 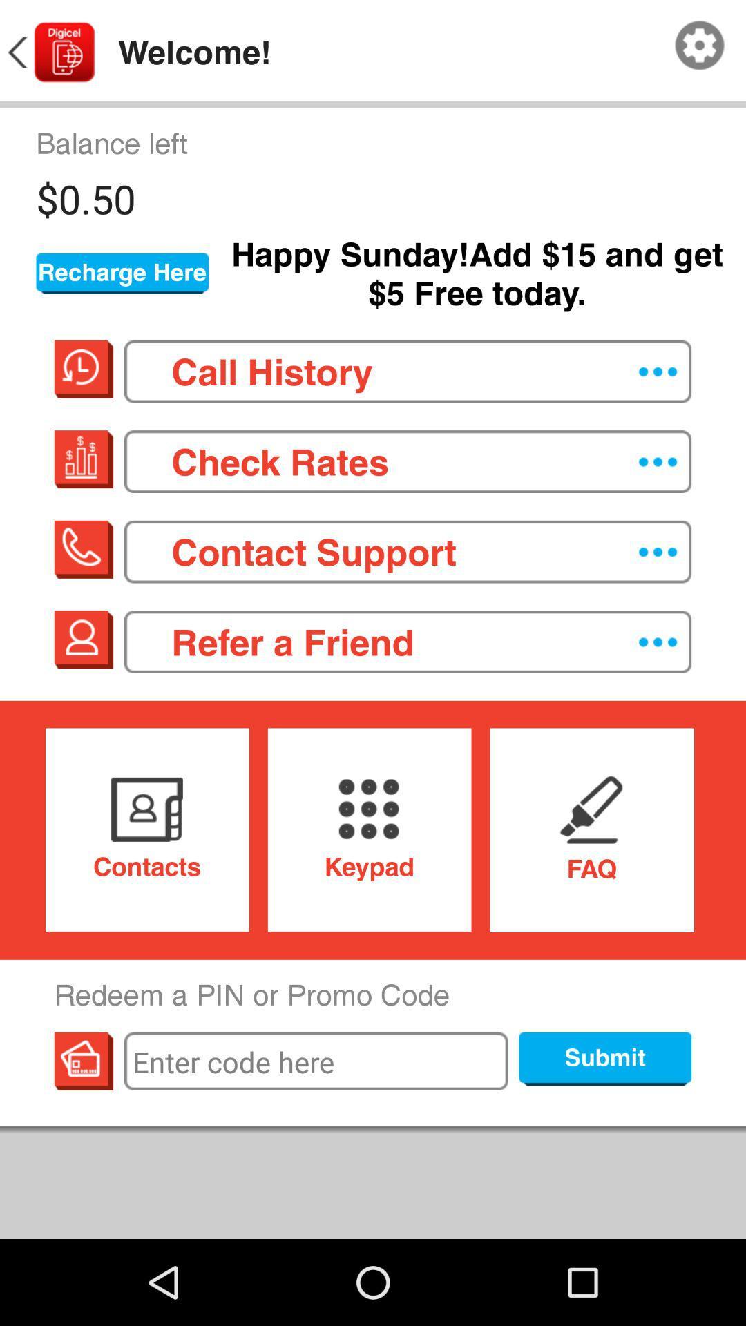 I want to click on settings, so click(x=700, y=46).